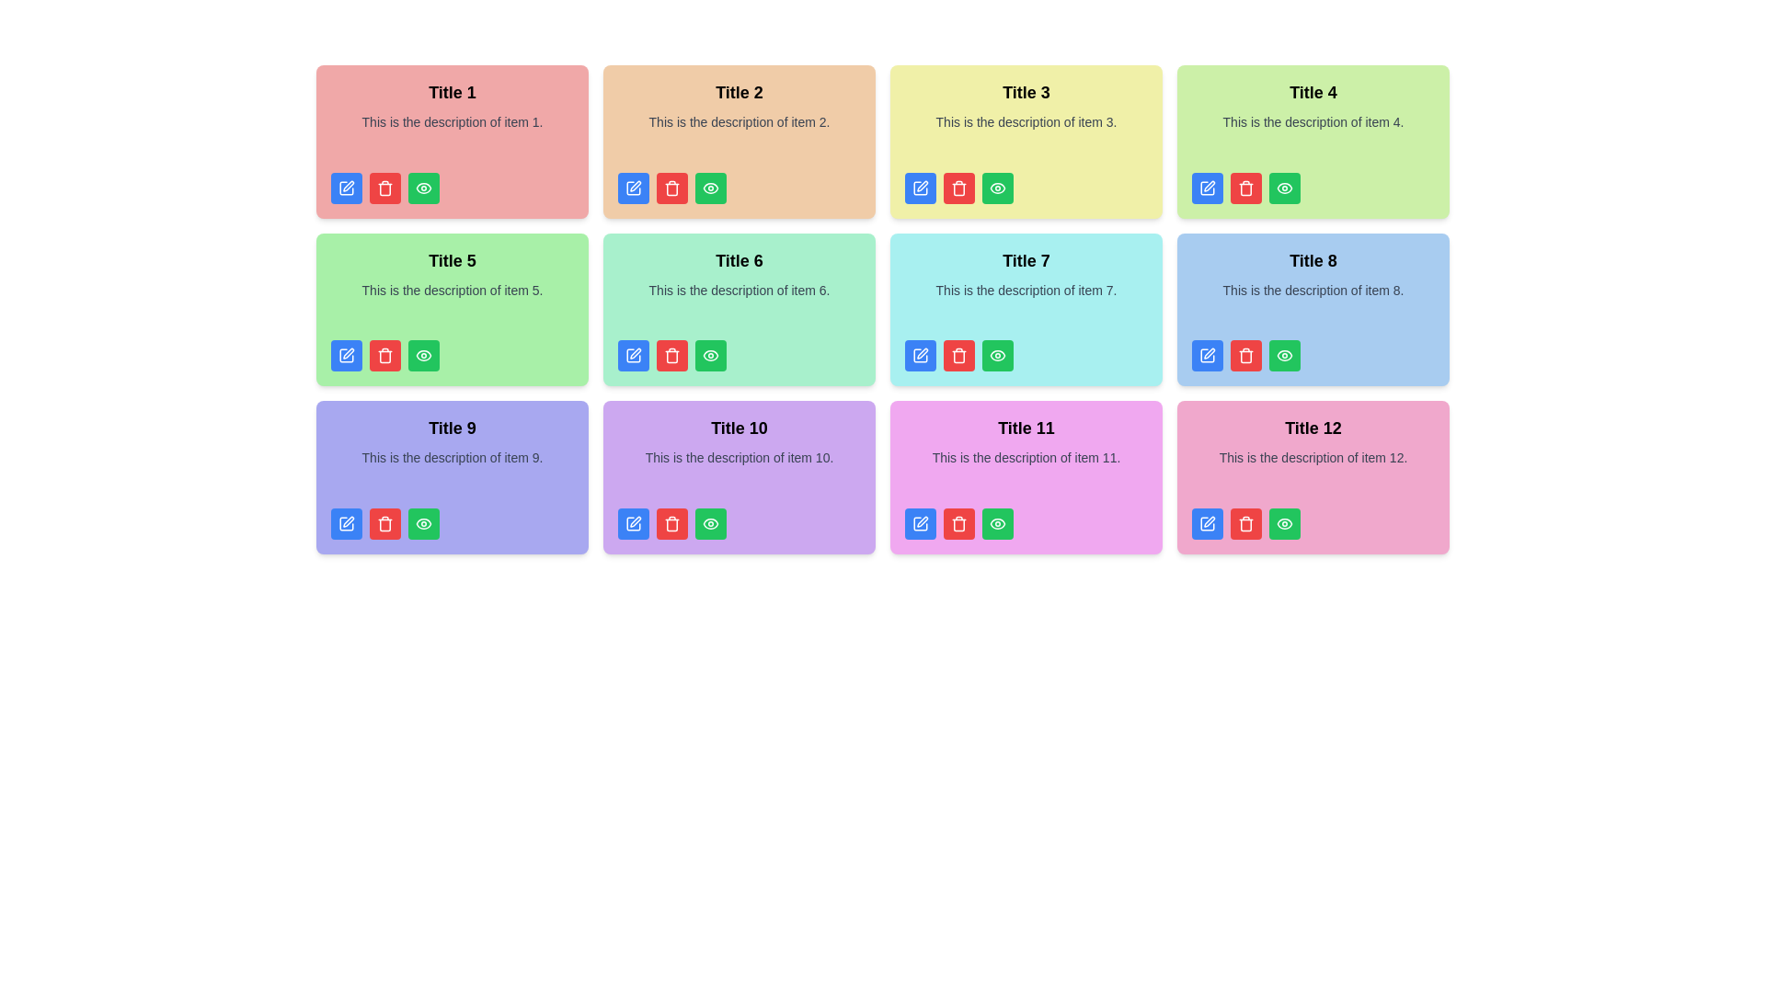 This screenshot has width=1766, height=993. Describe the element at coordinates (671, 523) in the screenshot. I see `the delete button located in the second cell of a three-cell group below the item titled 'Title 10', which is the middle button among three action buttons at the bottom of the item card` at that location.